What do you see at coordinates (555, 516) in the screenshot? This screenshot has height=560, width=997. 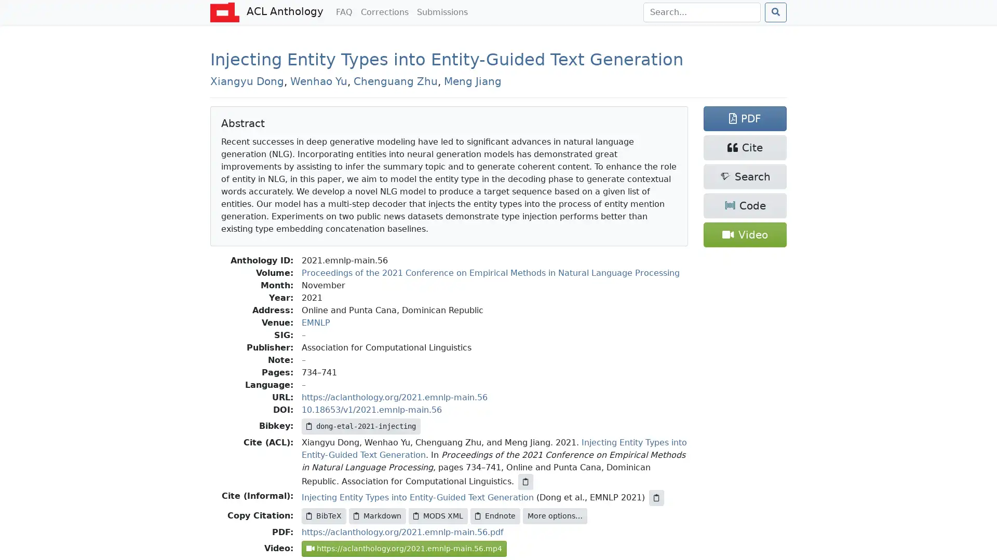 I see `More options...` at bounding box center [555, 516].